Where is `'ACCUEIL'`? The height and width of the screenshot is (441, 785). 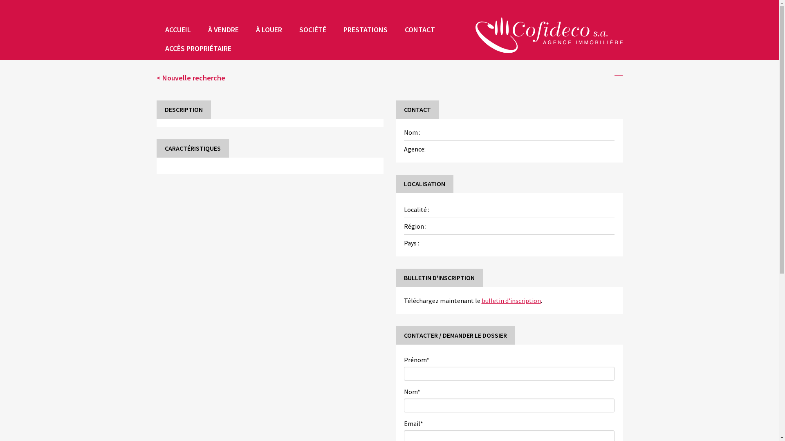 'ACCUEIL' is located at coordinates (177, 29).